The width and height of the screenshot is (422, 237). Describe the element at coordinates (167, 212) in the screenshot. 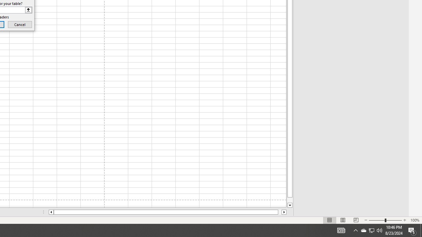

I see `'Class: NetUIScrollBar'` at that location.